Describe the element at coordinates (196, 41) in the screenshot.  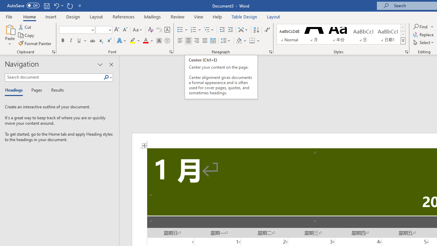
I see `'Align Right'` at that location.